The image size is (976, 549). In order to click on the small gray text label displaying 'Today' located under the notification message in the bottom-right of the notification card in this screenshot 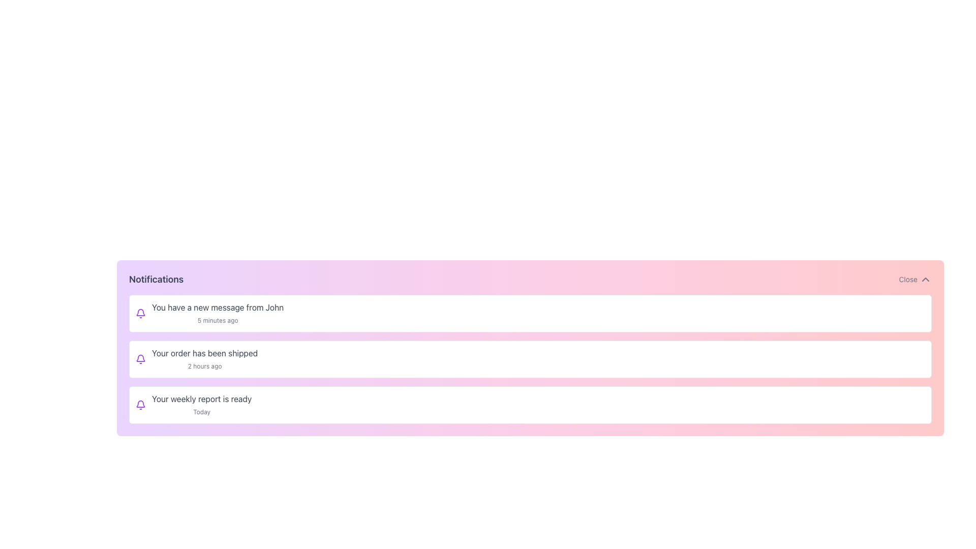, I will do `click(202, 412)`.